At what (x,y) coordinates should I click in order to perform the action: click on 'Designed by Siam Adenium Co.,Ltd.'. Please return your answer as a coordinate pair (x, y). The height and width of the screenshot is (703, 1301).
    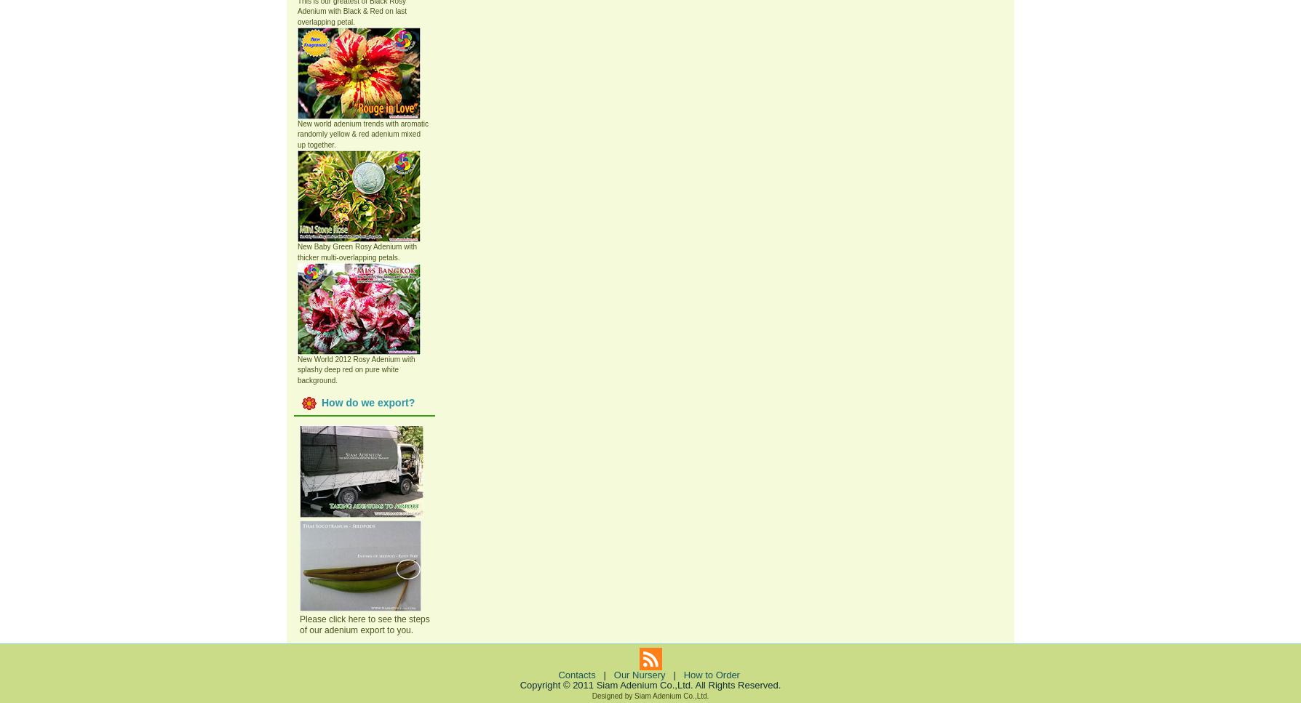
    Looking at the image, I should click on (649, 694).